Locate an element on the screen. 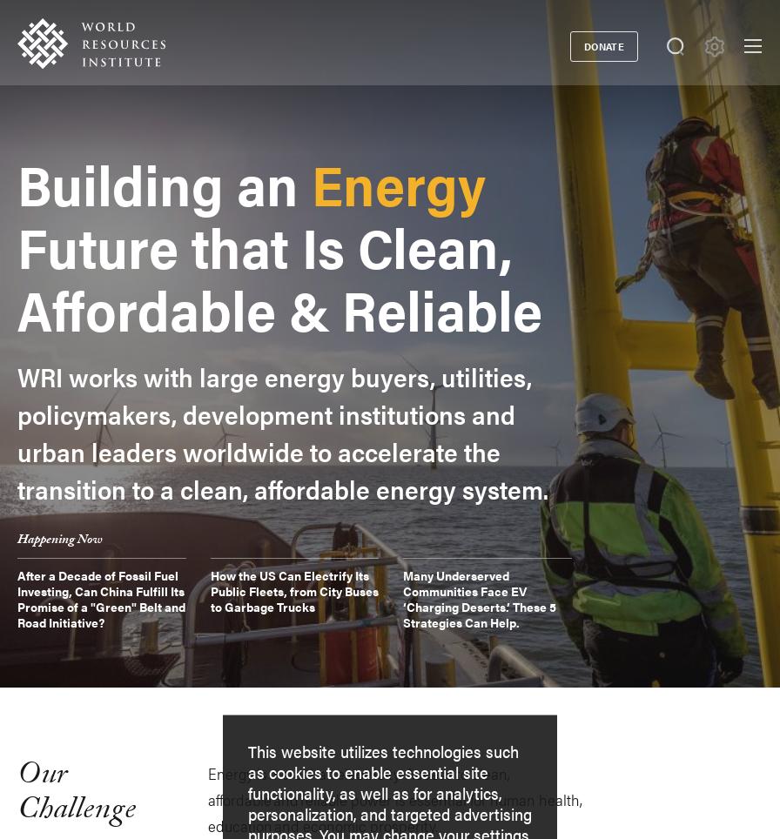  'Water' is located at coordinates (104, 602).